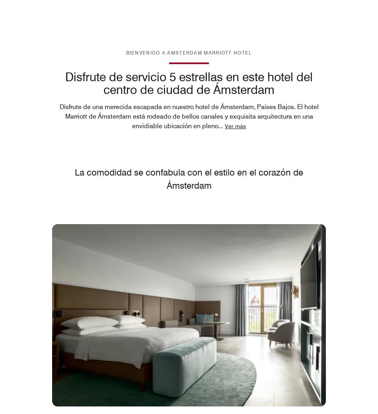 The width and height of the screenshot is (378, 414). What do you see at coordinates (151, 40) in the screenshot?
I see `'Información sobre las instalaciones para personas con necesidades especiales'` at bounding box center [151, 40].